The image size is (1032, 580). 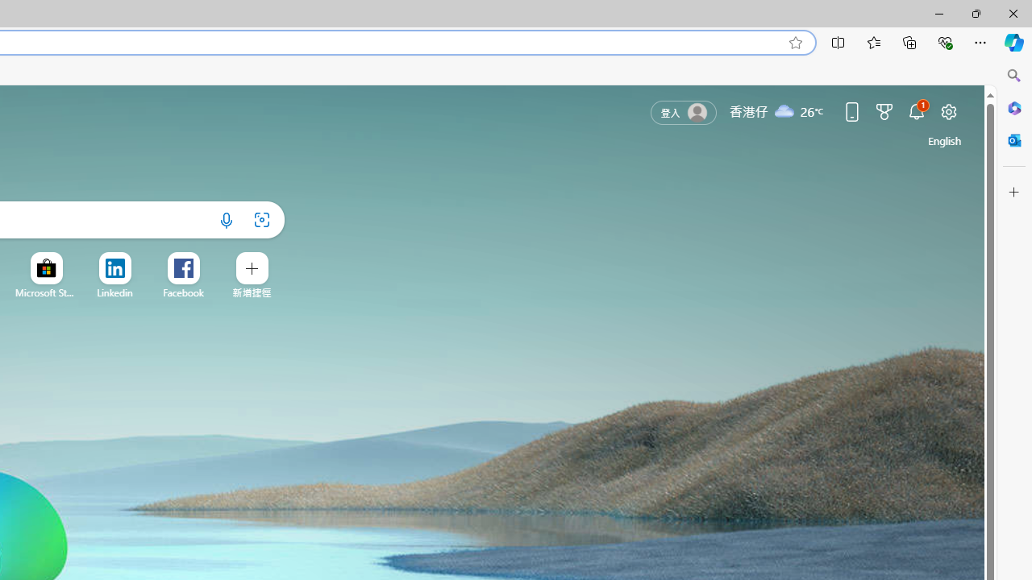 I want to click on 'Microsoft Rewards', so click(x=883, y=110).